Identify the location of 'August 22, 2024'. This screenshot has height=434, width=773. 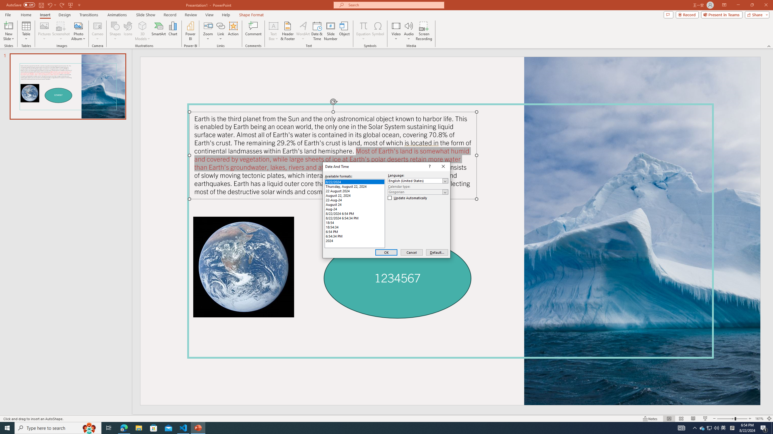
(354, 195).